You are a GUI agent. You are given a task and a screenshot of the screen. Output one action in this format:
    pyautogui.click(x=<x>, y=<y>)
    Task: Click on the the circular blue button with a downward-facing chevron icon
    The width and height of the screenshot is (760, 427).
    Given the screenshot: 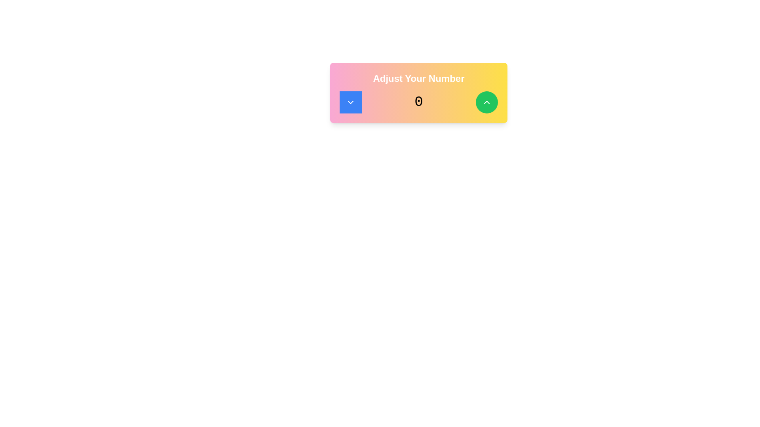 What is the action you would take?
    pyautogui.click(x=350, y=102)
    